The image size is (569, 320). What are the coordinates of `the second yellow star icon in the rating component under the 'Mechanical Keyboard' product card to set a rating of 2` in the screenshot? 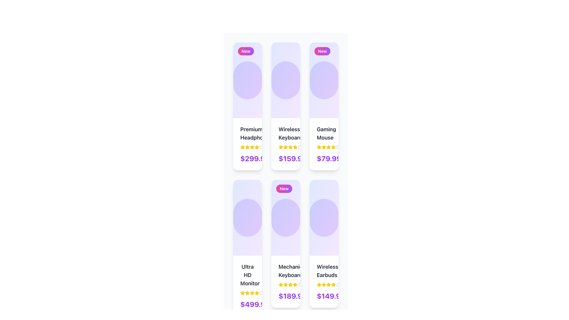 It's located at (281, 284).